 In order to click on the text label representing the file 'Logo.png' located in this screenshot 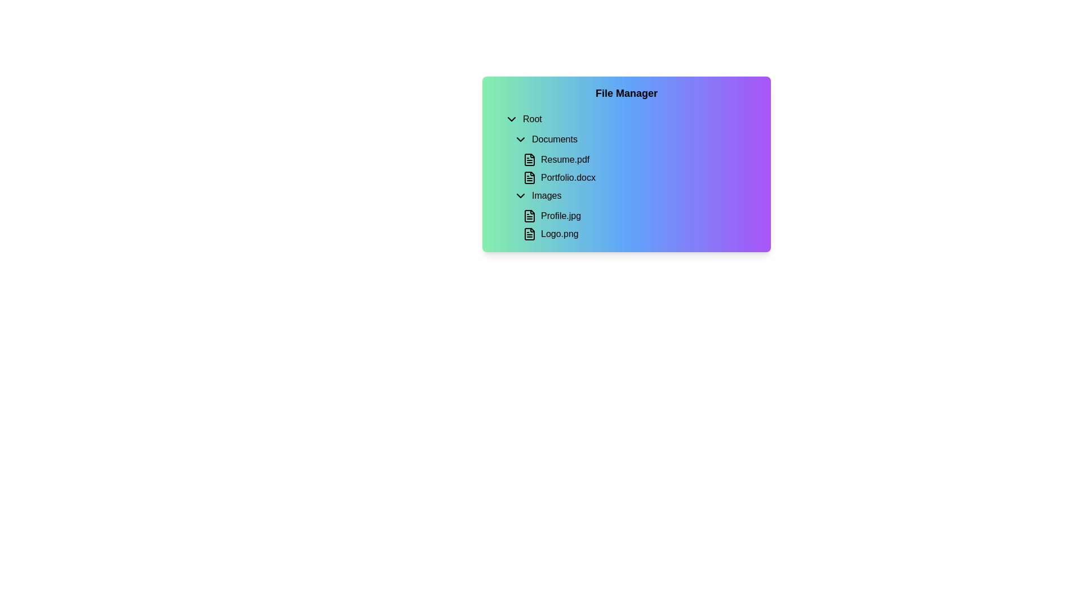, I will do `click(560, 234)`.